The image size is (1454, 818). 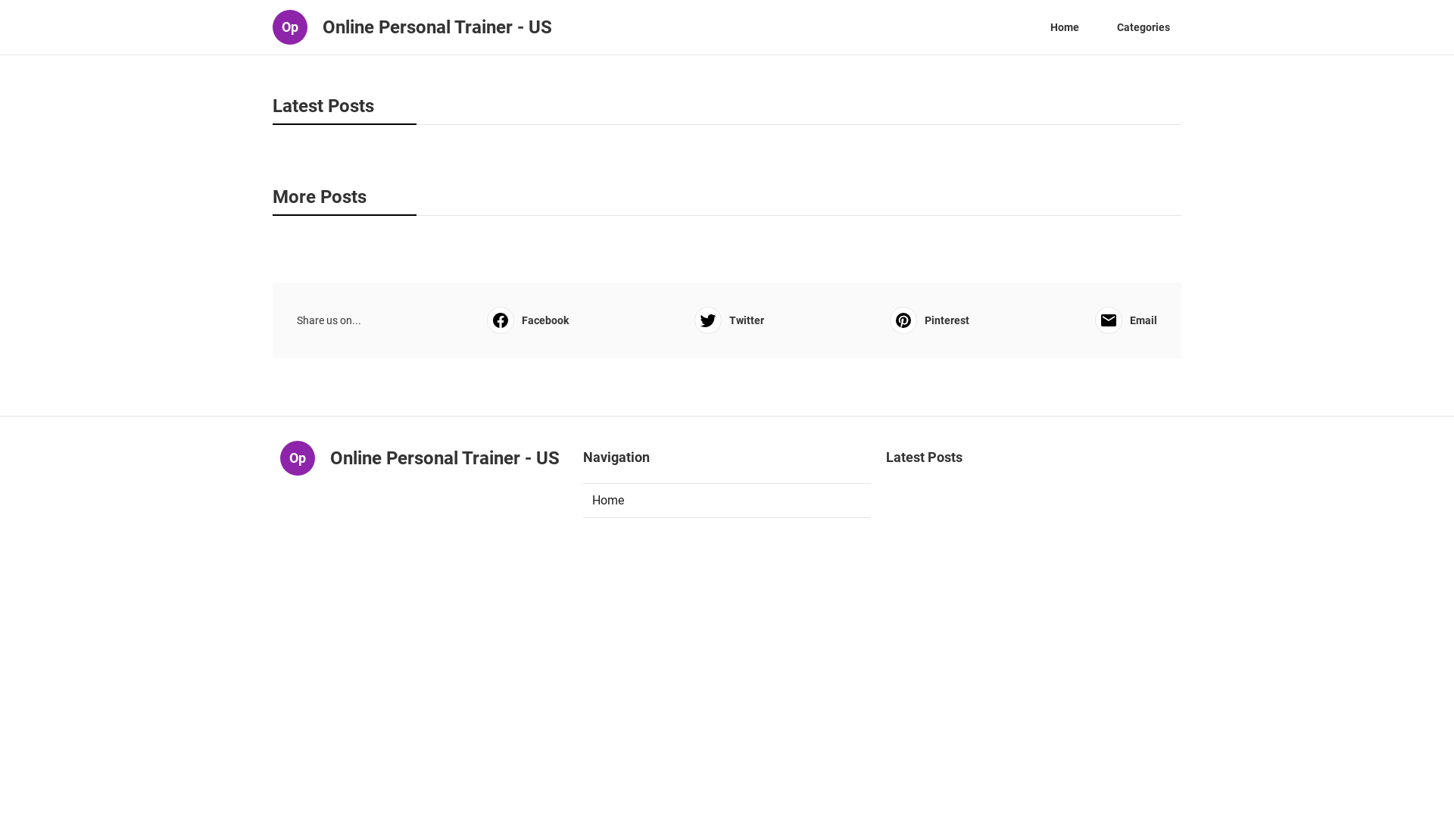 I want to click on 'Facebook', so click(x=487, y=320).